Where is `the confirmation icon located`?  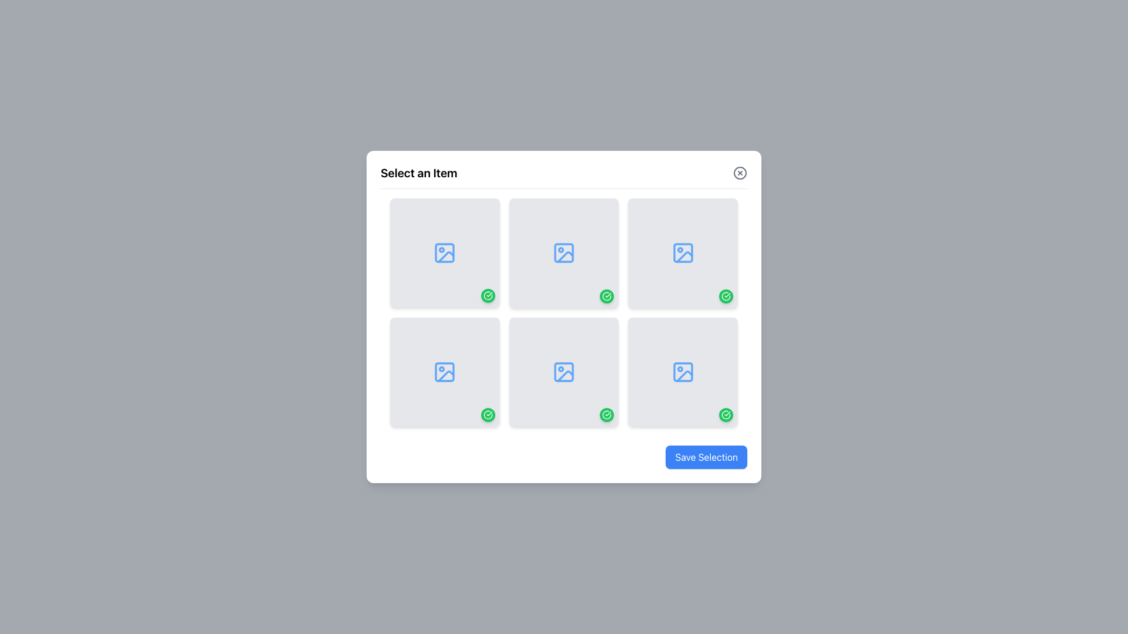
the confirmation icon located is located at coordinates (488, 414).